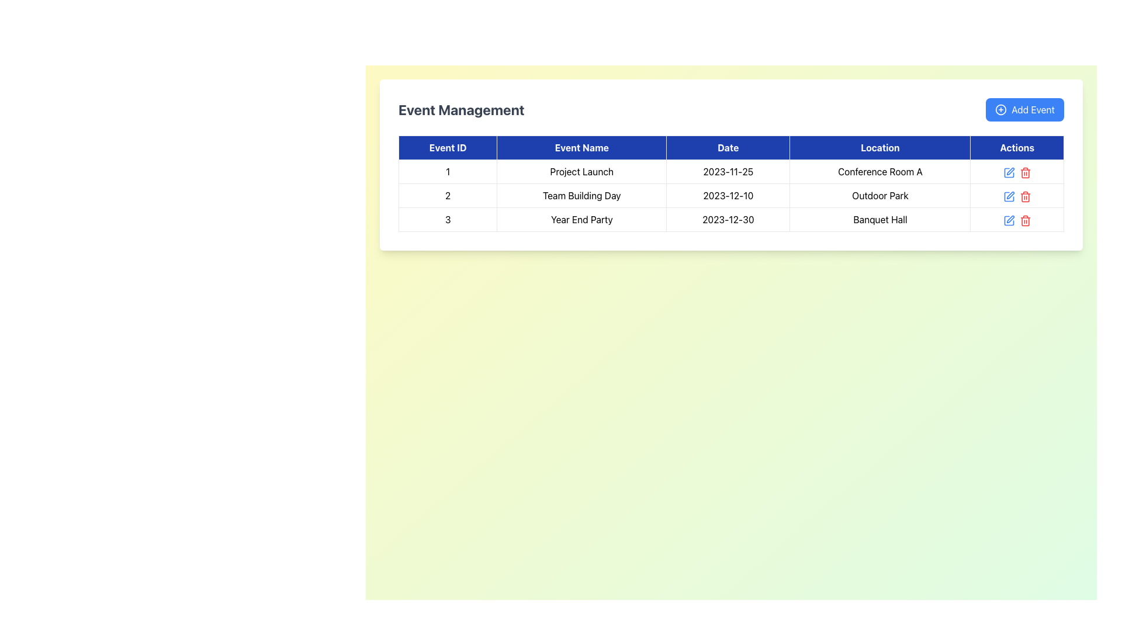 The height and width of the screenshot is (631, 1122). What do you see at coordinates (1000, 110) in the screenshot?
I see `the circular icon that visually complements the 'Add Event' button located at the top right corner of the primary card-like interface` at bounding box center [1000, 110].